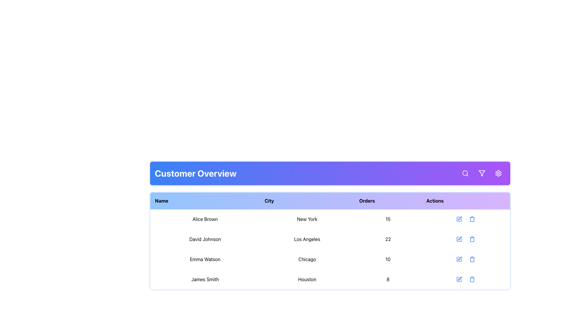  What do you see at coordinates (459, 219) in the screenshot?
I see `the circular blue pen icon in the Actions column` at bounding box center [459, 219].